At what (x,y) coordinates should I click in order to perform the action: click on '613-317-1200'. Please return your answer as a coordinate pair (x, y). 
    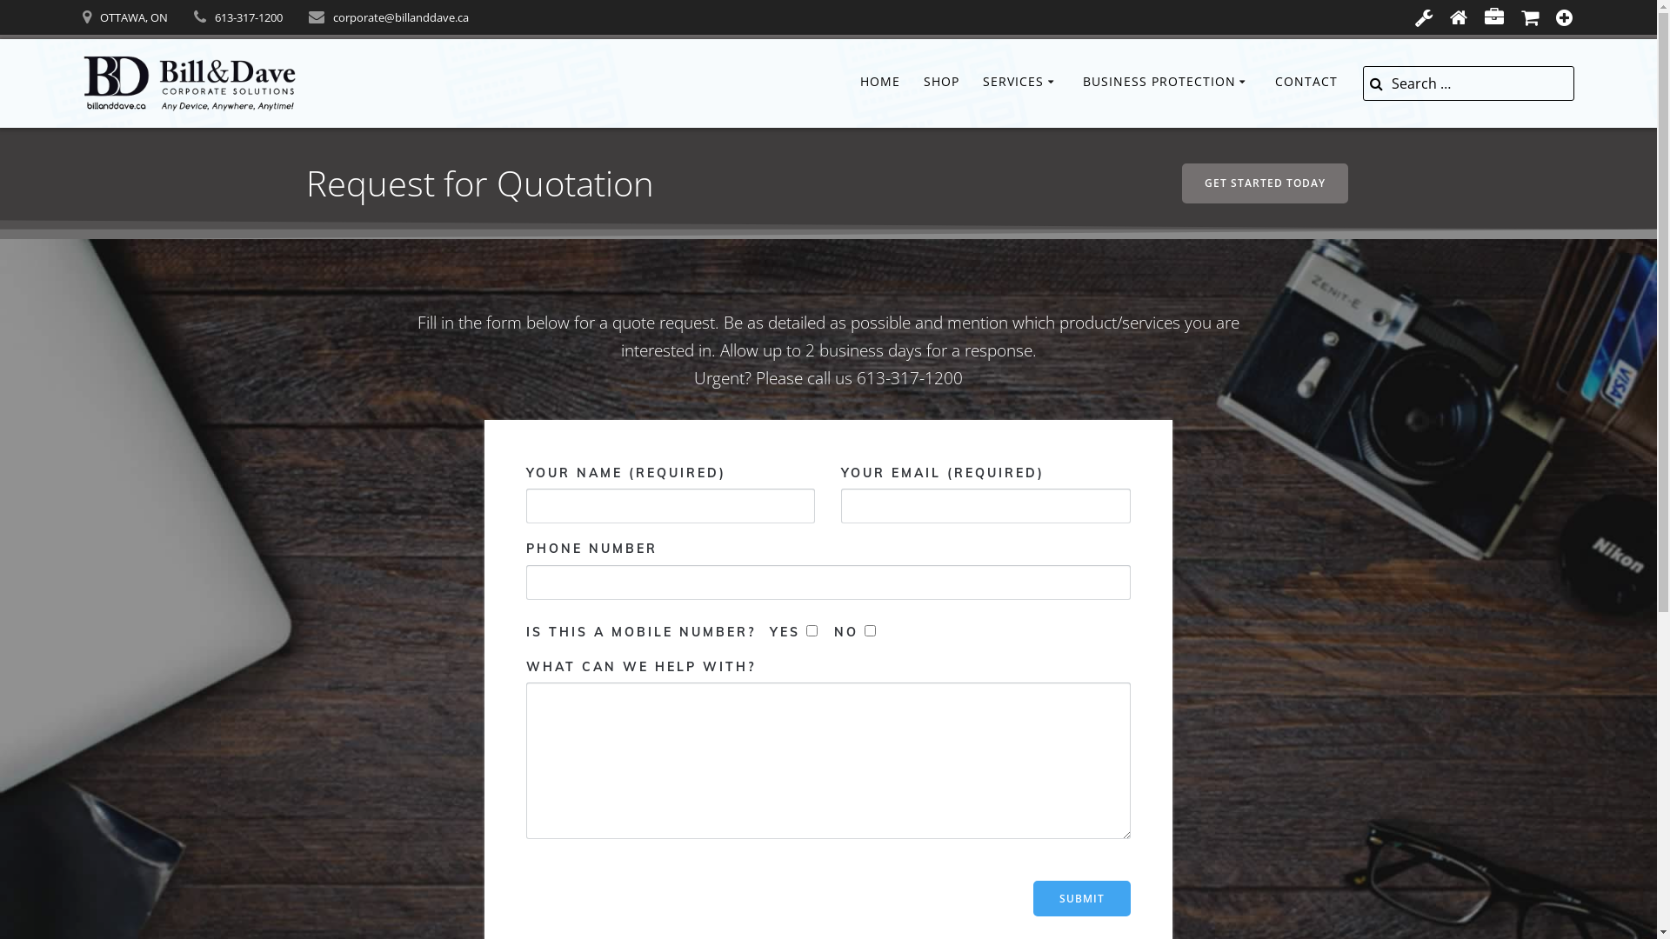
    Looking at the image, I should click on (248, 17).